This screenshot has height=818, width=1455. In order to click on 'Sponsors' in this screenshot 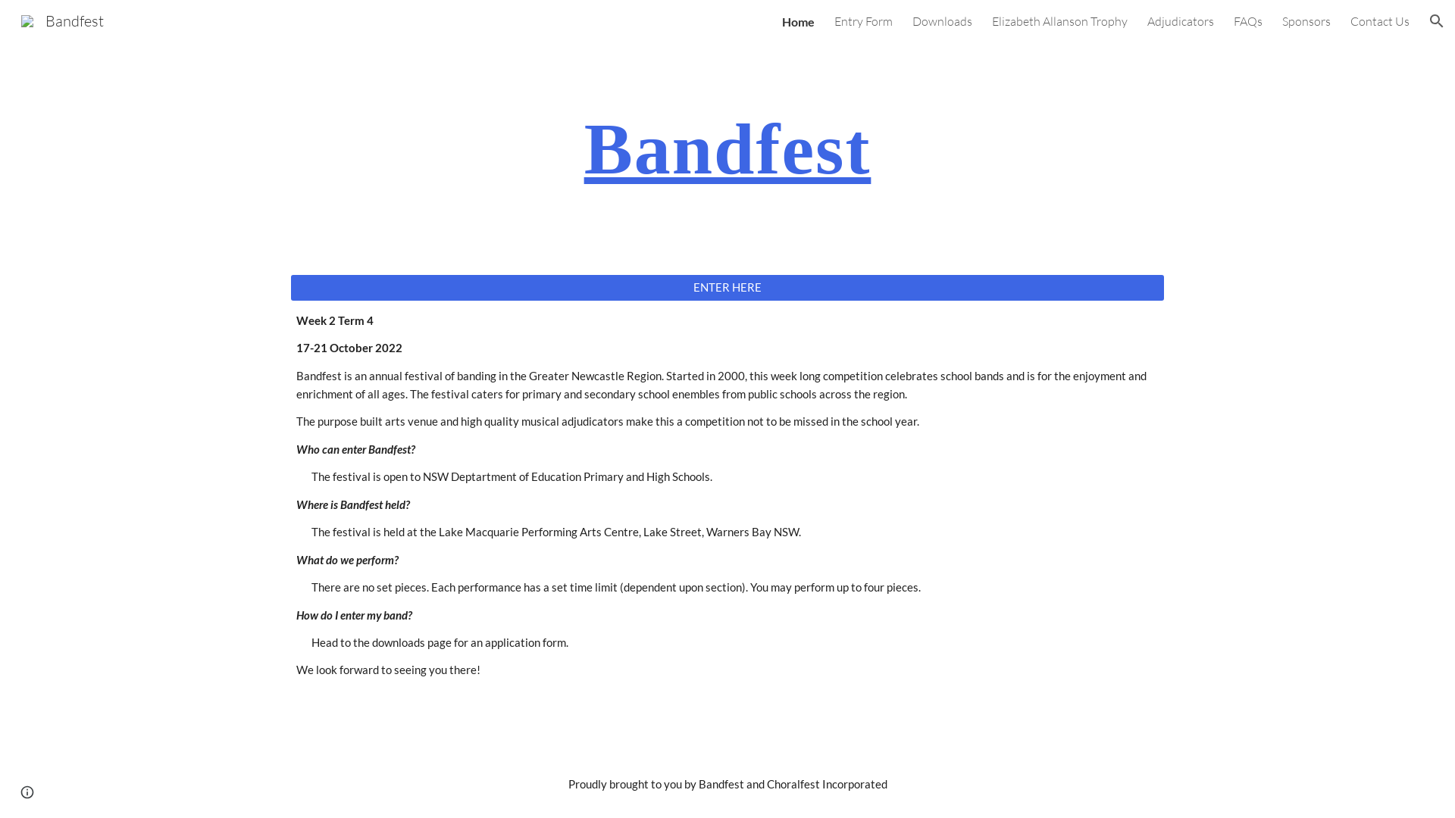, I will do `click(1305, 20)`.